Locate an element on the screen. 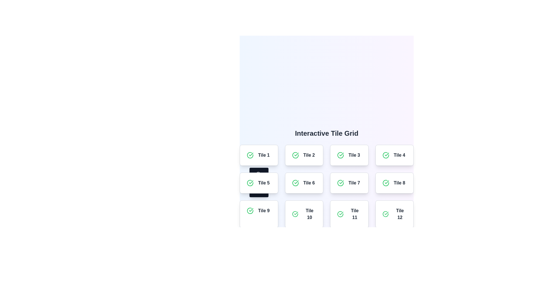  visual indicator icon that signifies the selection or activation of 'Tile 6', located to the left of the text 'Tile 6' is located at coordinates (295, 183).